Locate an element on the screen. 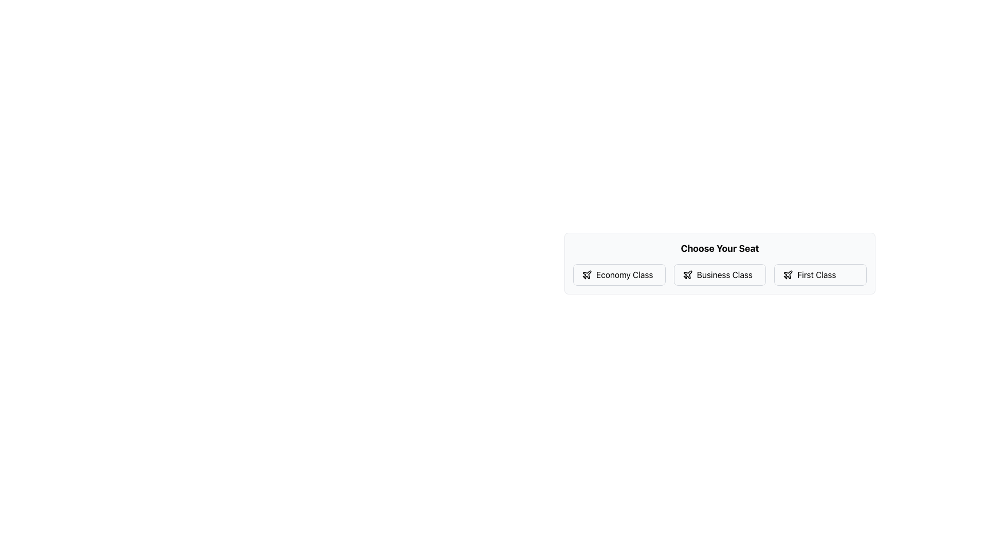  the Text Block that serves as a heading for selecting seat categories, positioned centrally above the options for 'Economy Class', 'Business Class', and 'First Class' is located at coordinates (719, 248).